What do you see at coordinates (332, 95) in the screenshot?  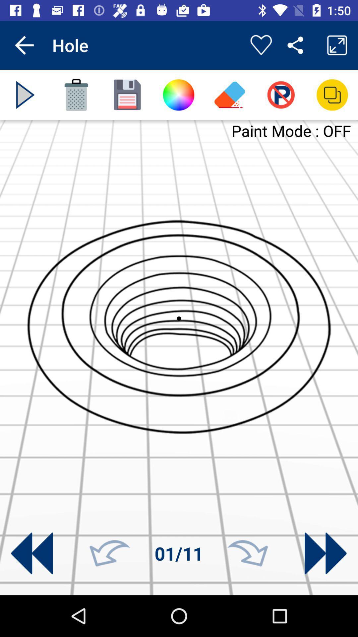 I see `the copy icon` at bounding box center [332, 95].